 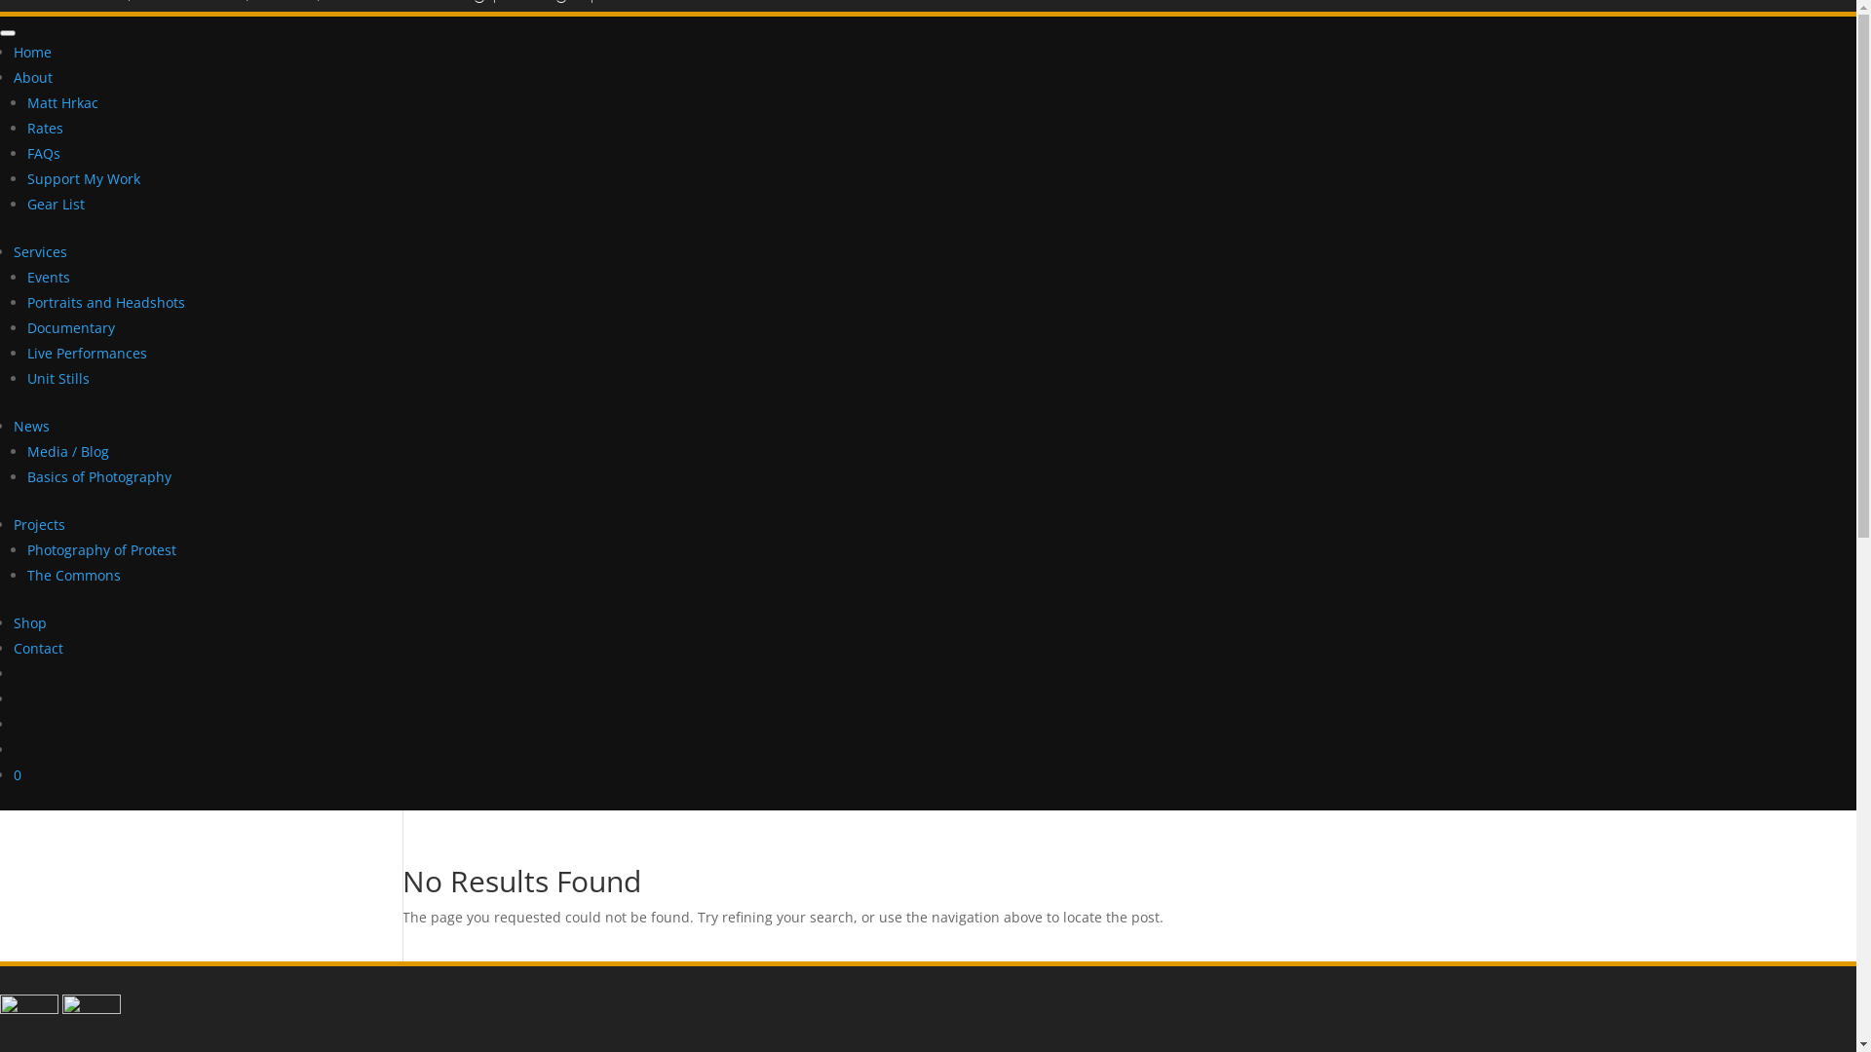 I want to click on '0', so click(x=18, y=773).